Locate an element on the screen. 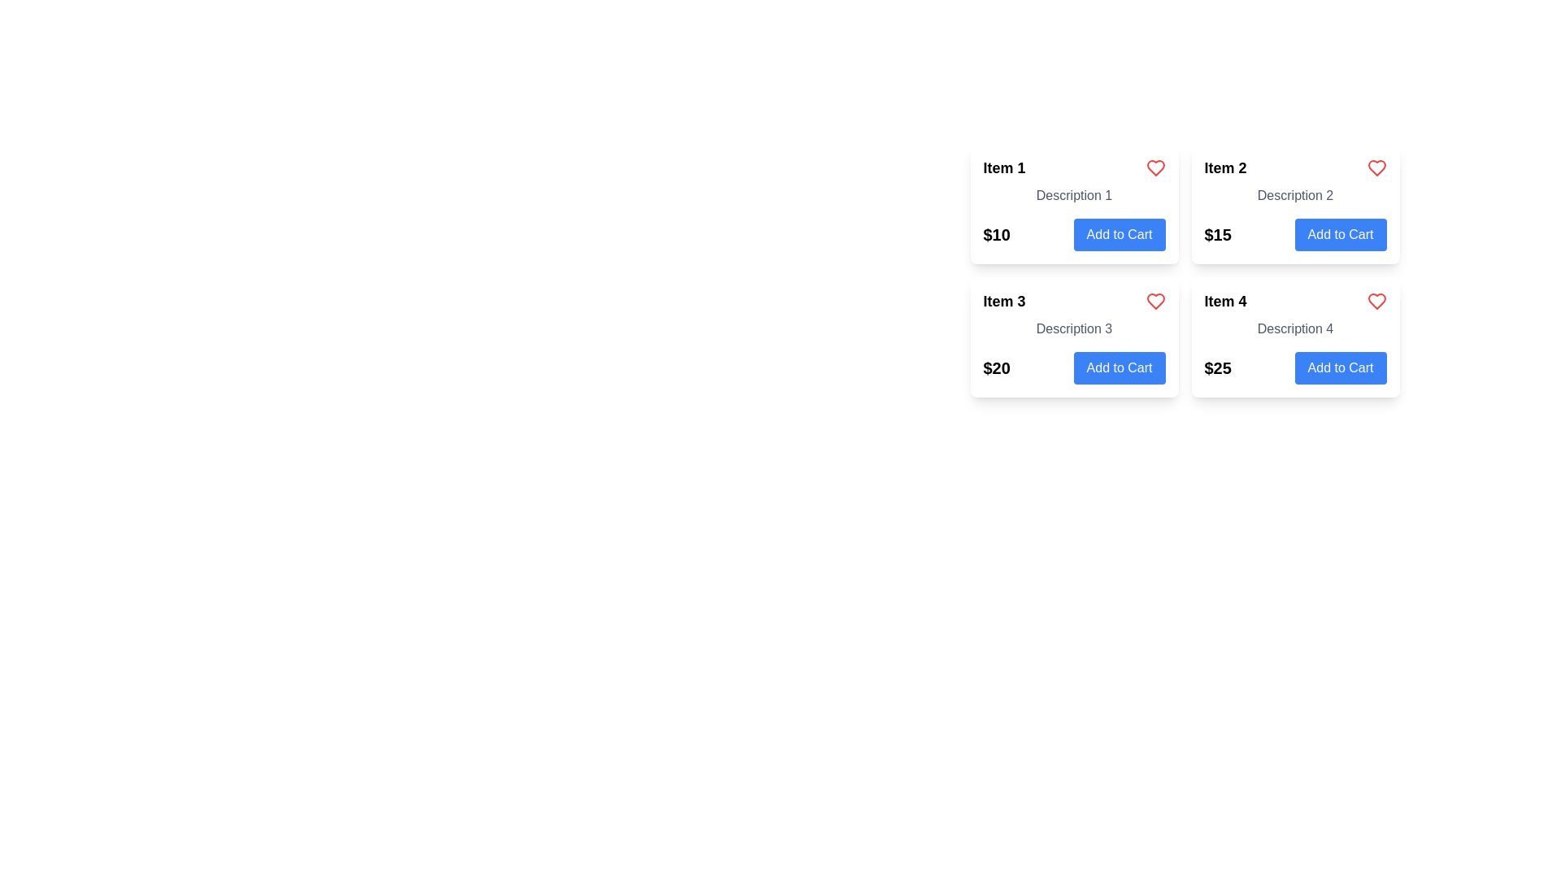 The image size is (1561, 878). the Text Label element displaying '$15' which is prominently styled and located on the left side of the 'Add to Cart' button in 'Item 2' card is located at coordinates (1218, 235).